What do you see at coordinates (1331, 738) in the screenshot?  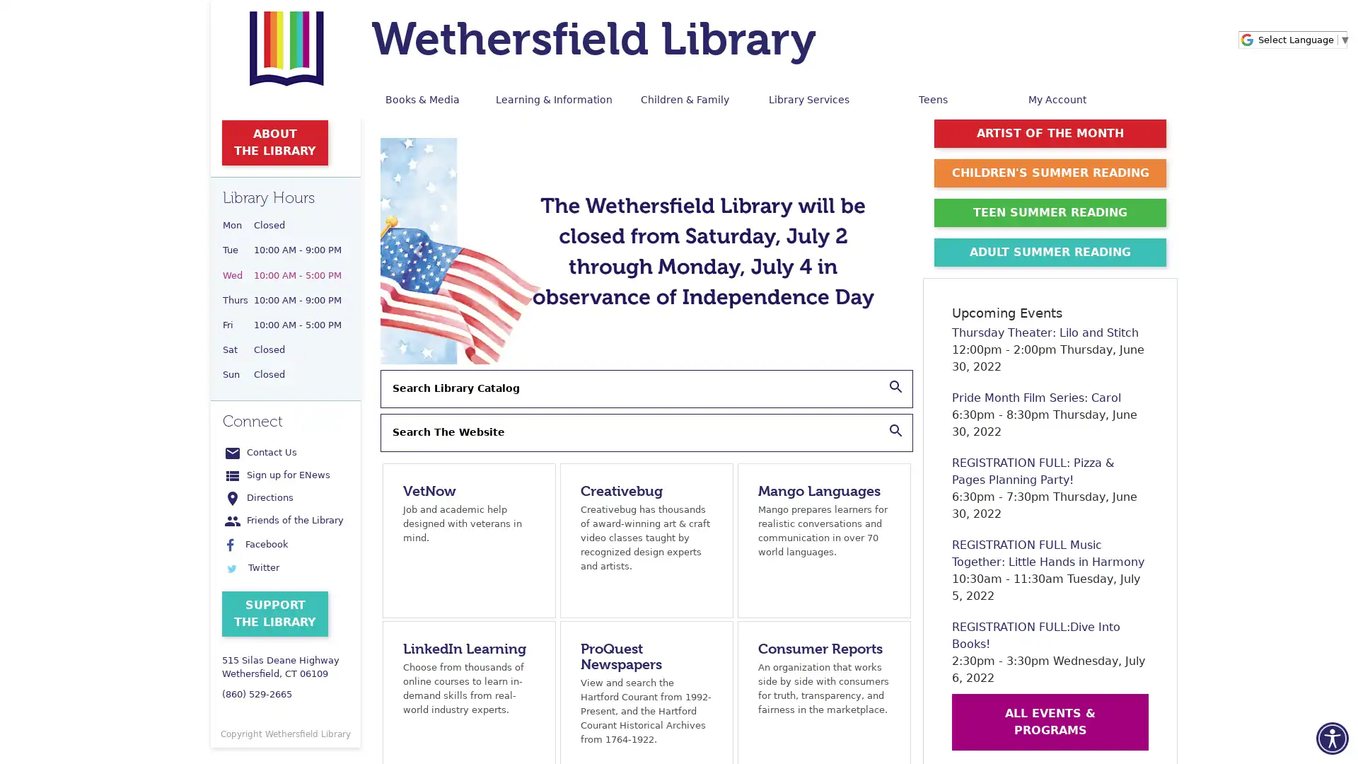 I see `Accessibility Menu` at bounding box center [1331, 738].